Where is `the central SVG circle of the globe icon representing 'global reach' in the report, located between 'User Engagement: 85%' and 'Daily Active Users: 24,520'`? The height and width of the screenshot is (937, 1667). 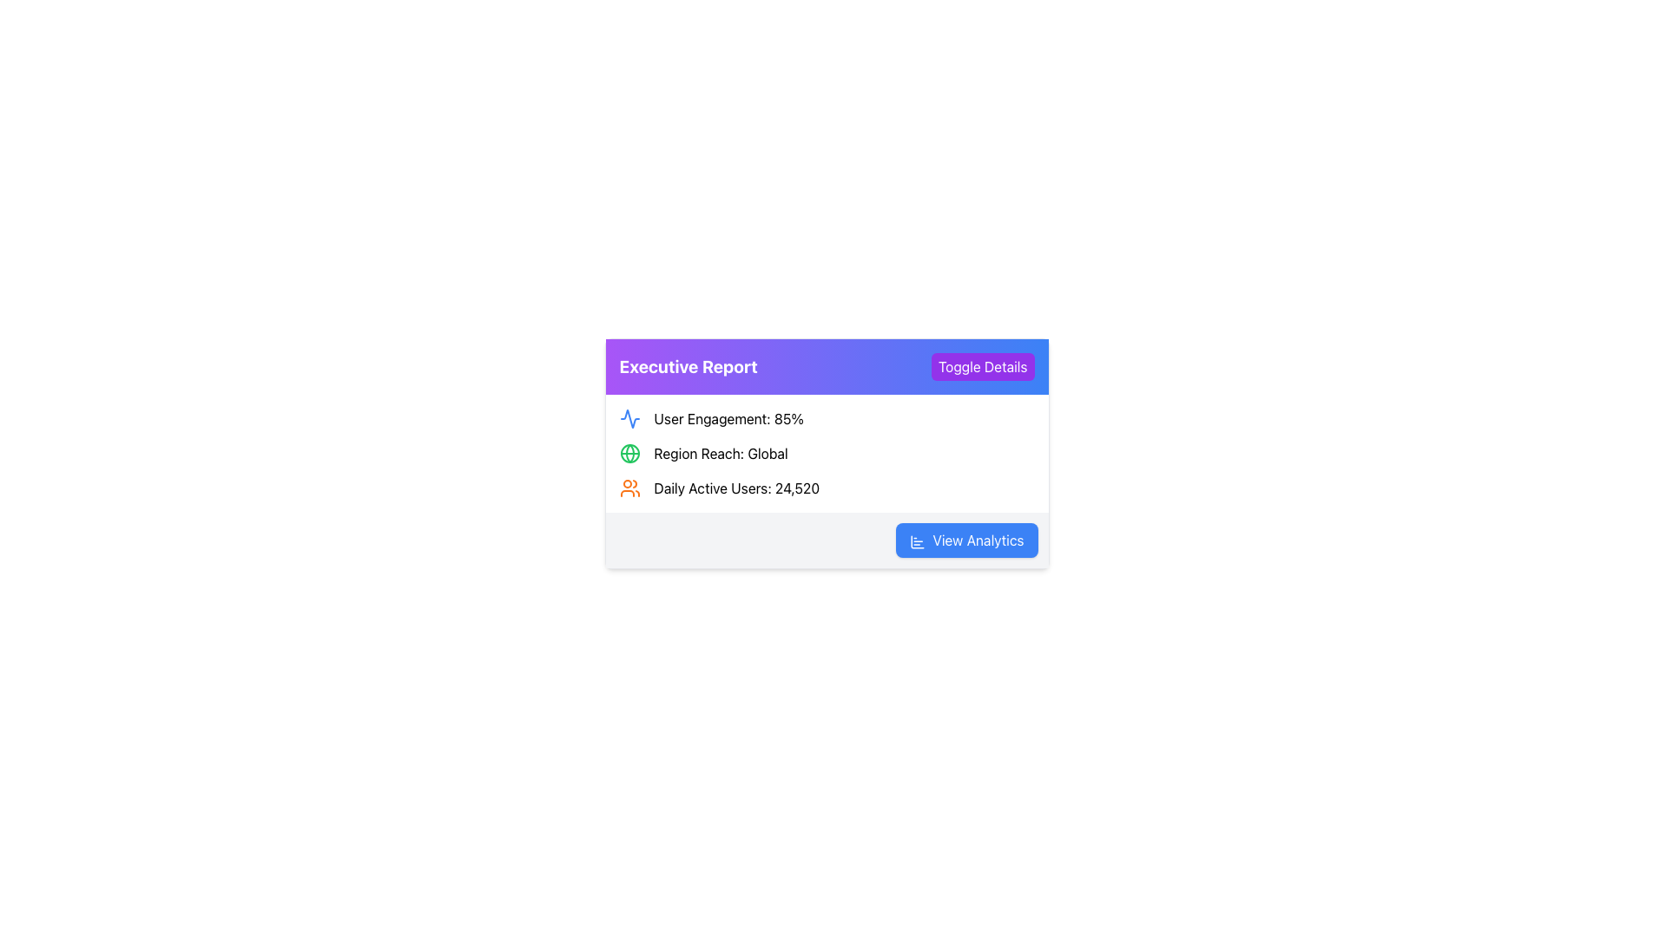 the central SVG circle of the globe icon representing 'global reach' in the report, located between 'User Engagement: 85%' and 'Daily Active Users: 24,520' is located at coordinates (629, 453).